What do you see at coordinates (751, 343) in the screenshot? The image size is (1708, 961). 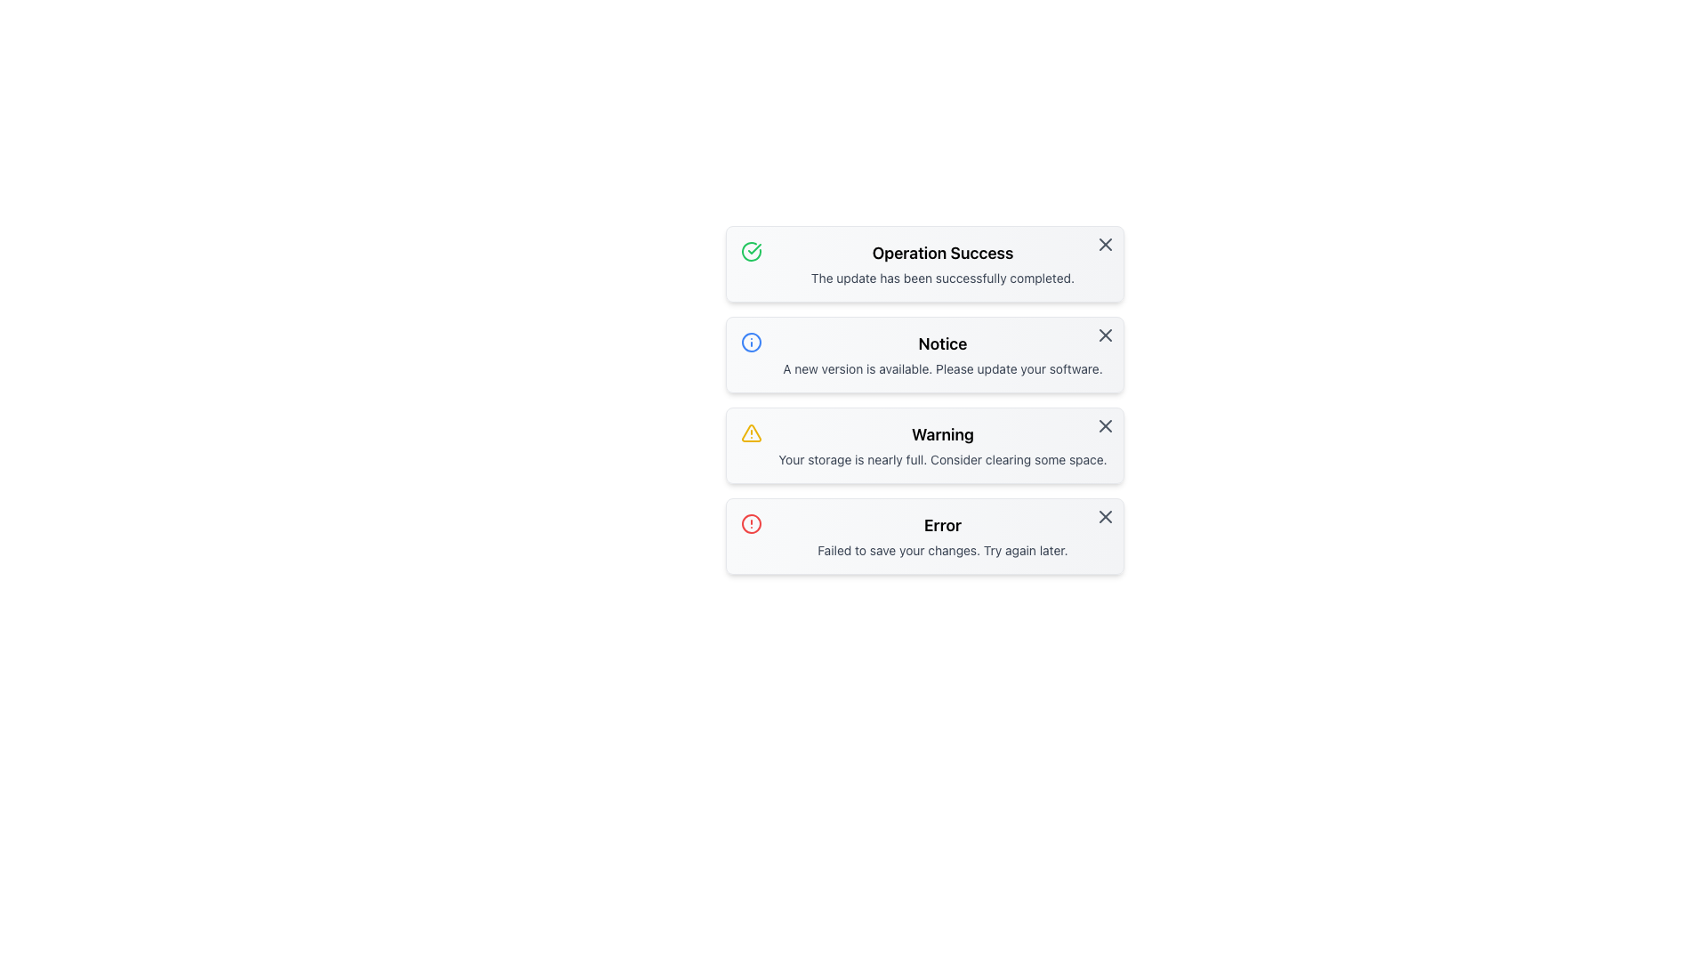 I see `SVG circle graphic that serves as the outer circle of the 'Notice' status message icon, located second from the top in the vertical list of status messages` at bounding box center [751, 343].